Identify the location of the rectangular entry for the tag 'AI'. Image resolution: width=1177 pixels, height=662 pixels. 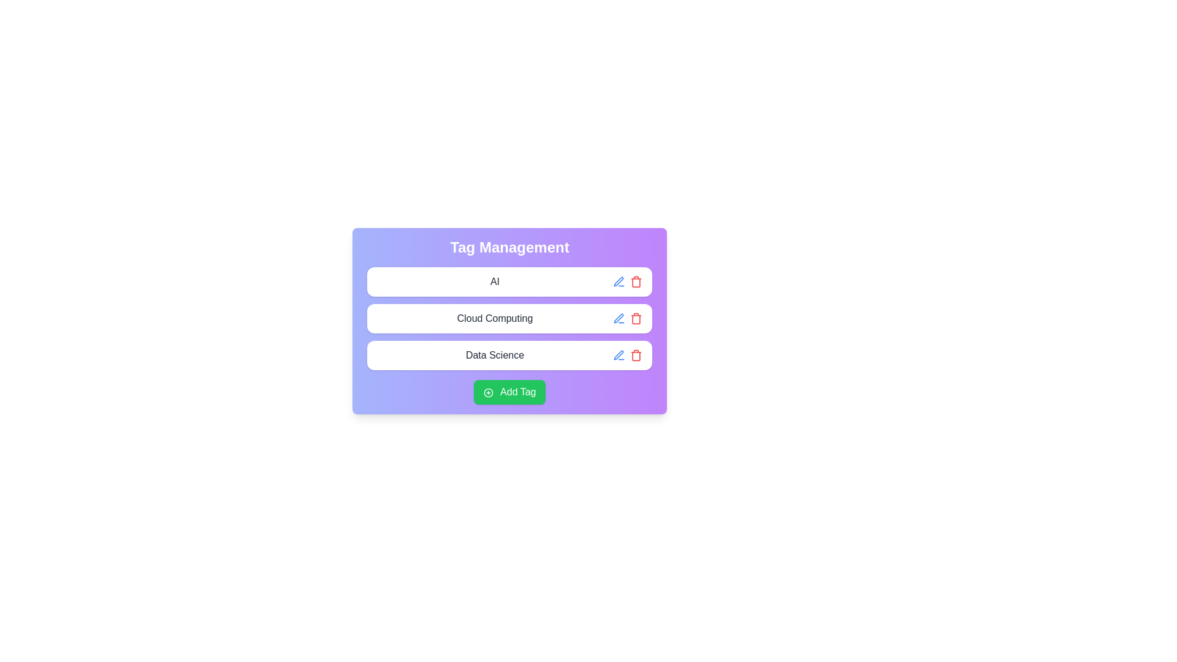
(509, 281).